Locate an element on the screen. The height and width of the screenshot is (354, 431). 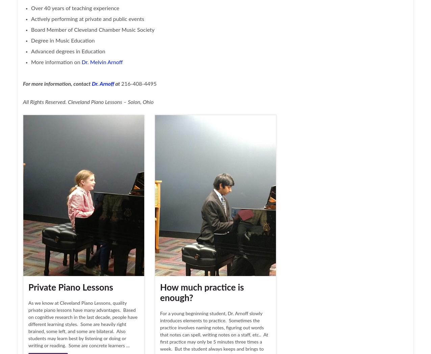
'Board Member of Cleveland Chamber Music Society' is located at coordinates (92, 29).